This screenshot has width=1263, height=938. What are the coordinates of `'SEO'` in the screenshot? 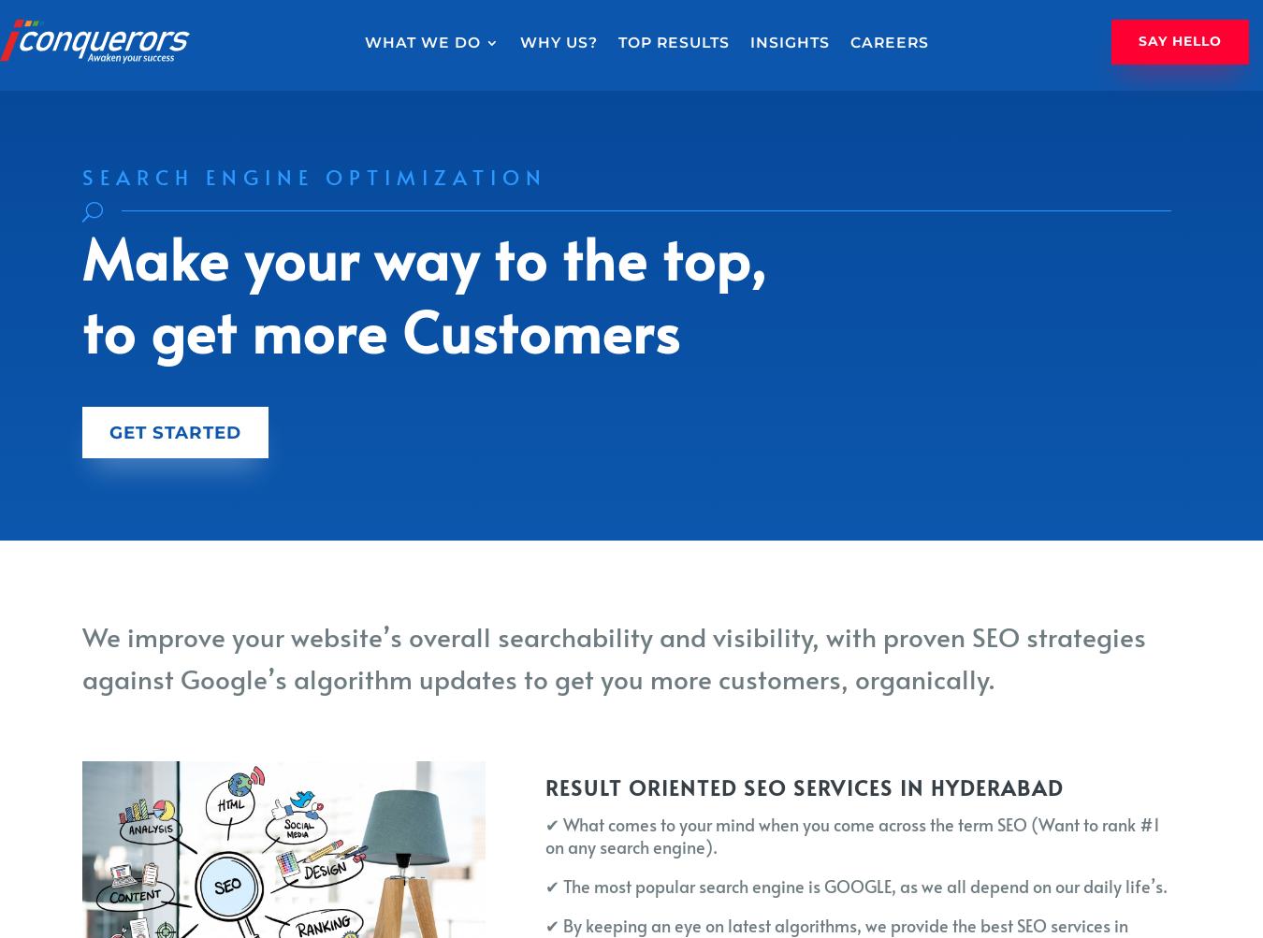 It's located at (409, 94).